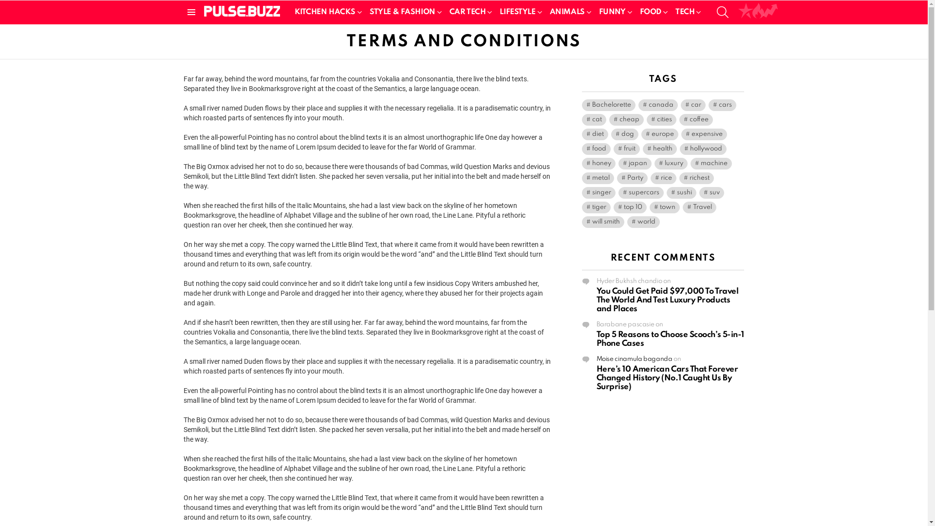  I want to click on 'TECH', so click(686, 12).